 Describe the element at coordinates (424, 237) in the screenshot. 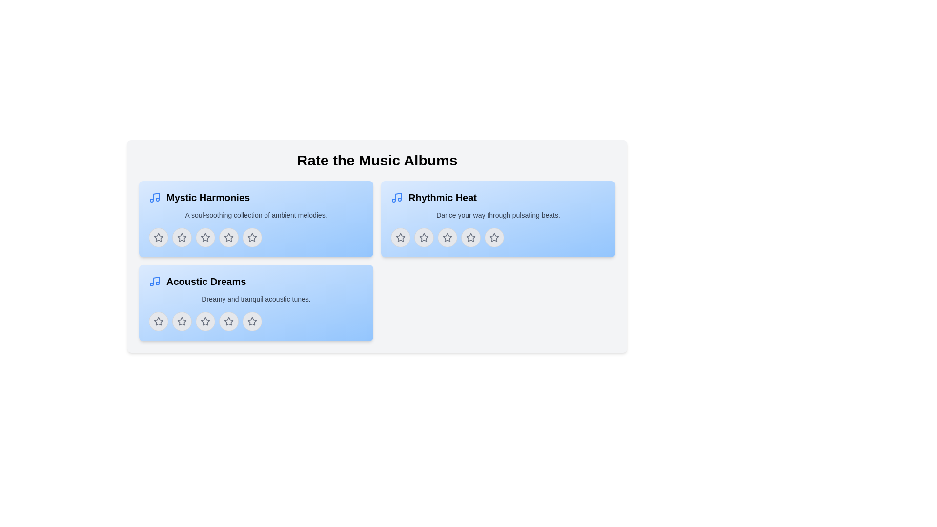

I see `the first rating star icon in the 'Rhythmic Heat' music album card` at that location.